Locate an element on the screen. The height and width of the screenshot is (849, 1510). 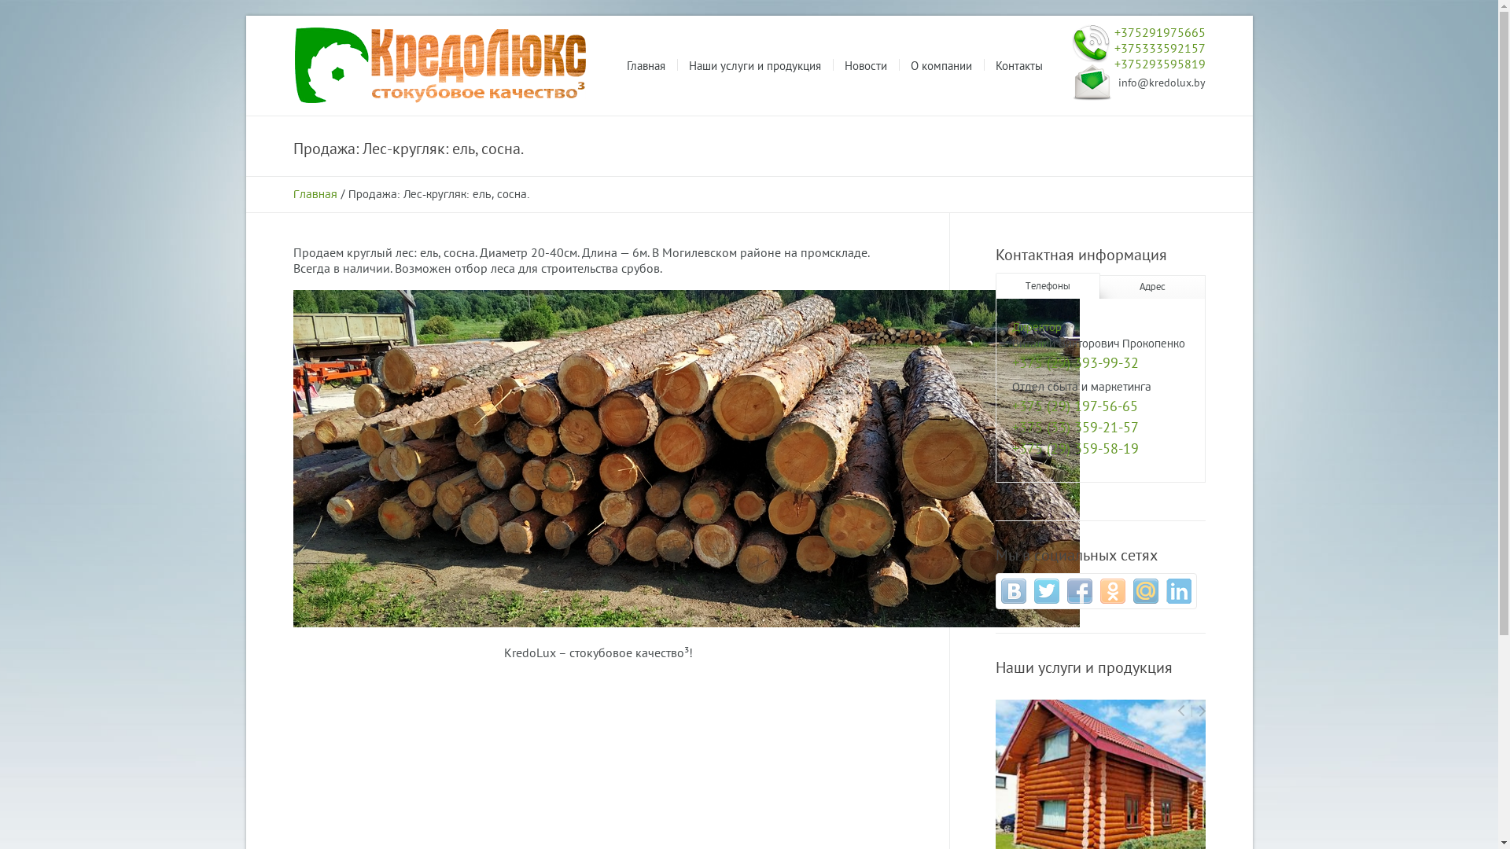
'+375293595819' is located at coordinates (1158, 63).